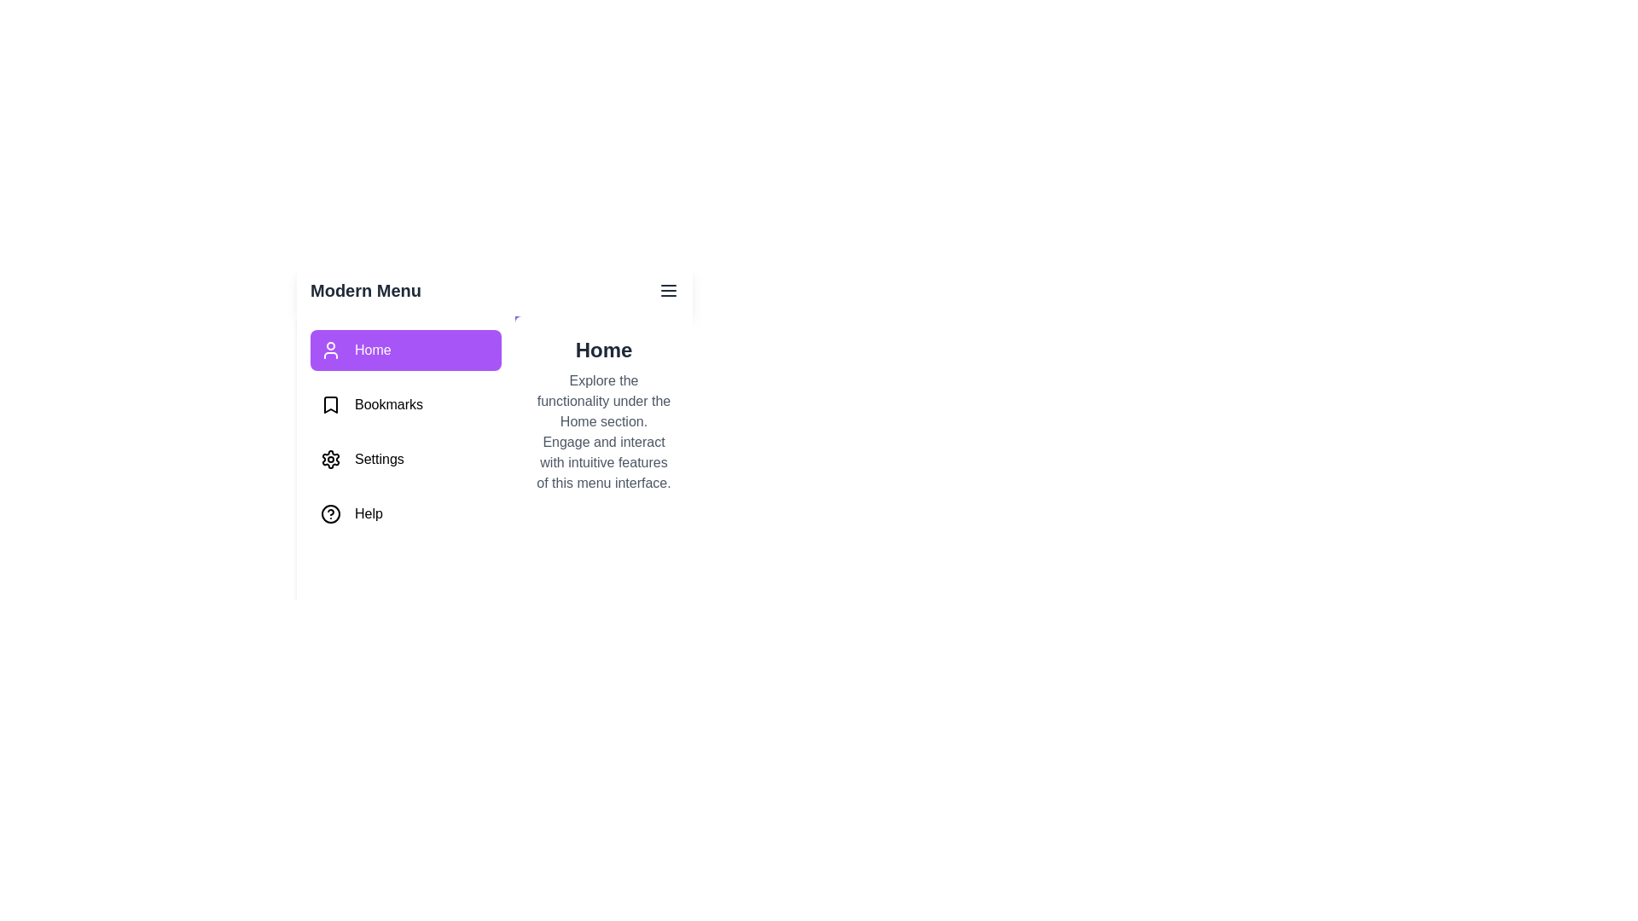 This screenshot has width=1638, height=921. I want to click on the tab named Bookmarks from the sidebar menu, so click(404, 404).